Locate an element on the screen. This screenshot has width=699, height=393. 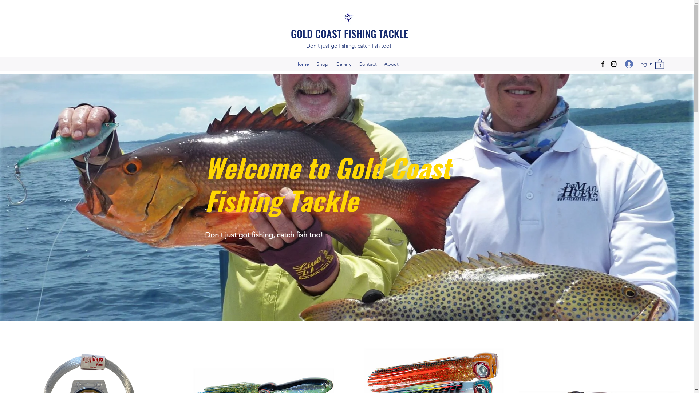
'Contact' is located at coordinates (367, 64).